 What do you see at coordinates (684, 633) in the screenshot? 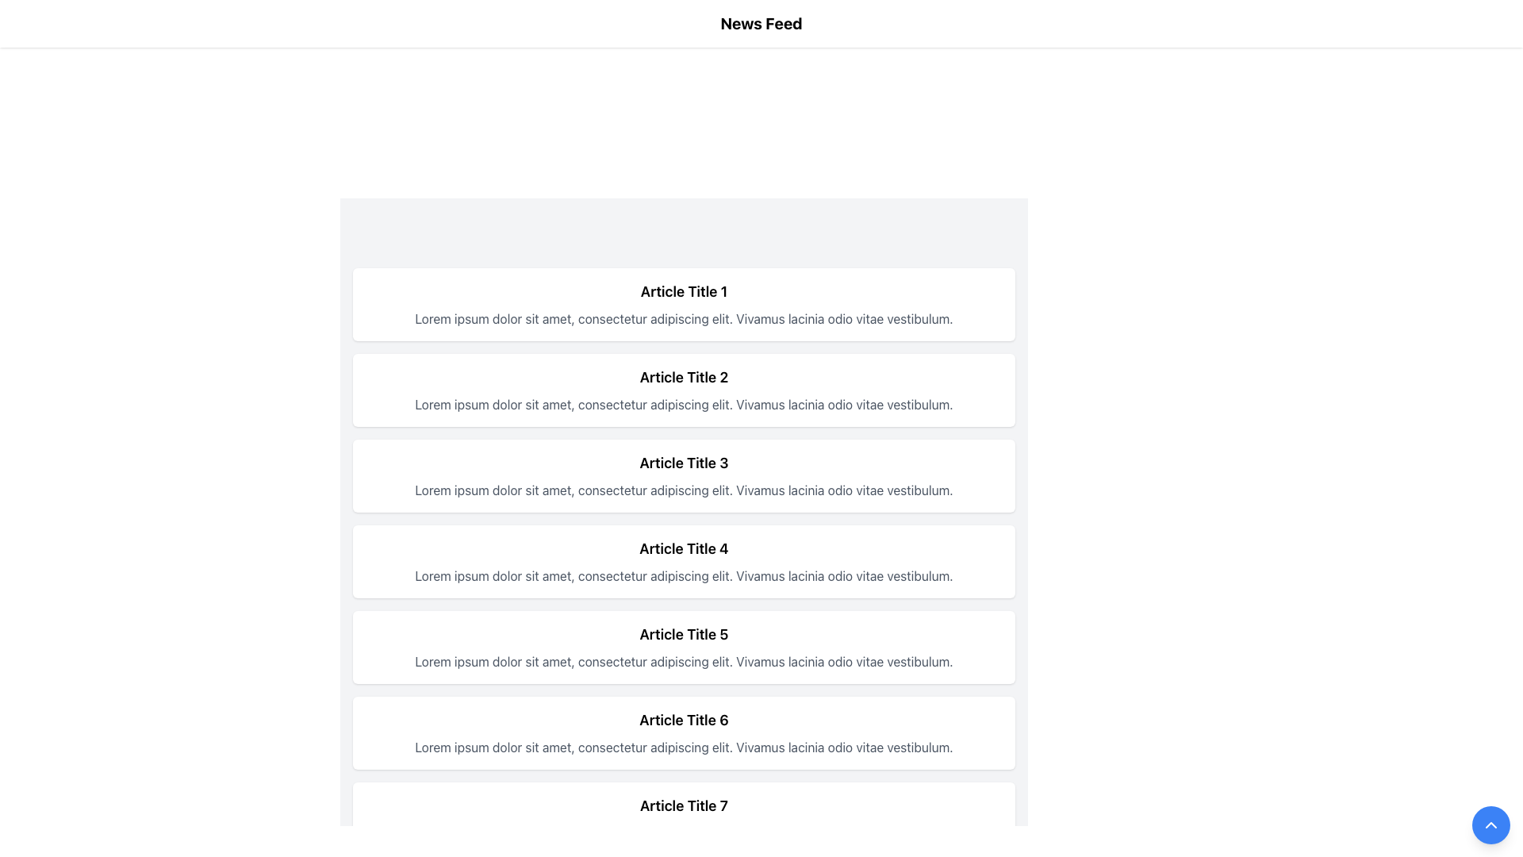
I see `the static text display that shows the title of a specific article in the fifth card of the news feed` at bounding box center [684, 633].